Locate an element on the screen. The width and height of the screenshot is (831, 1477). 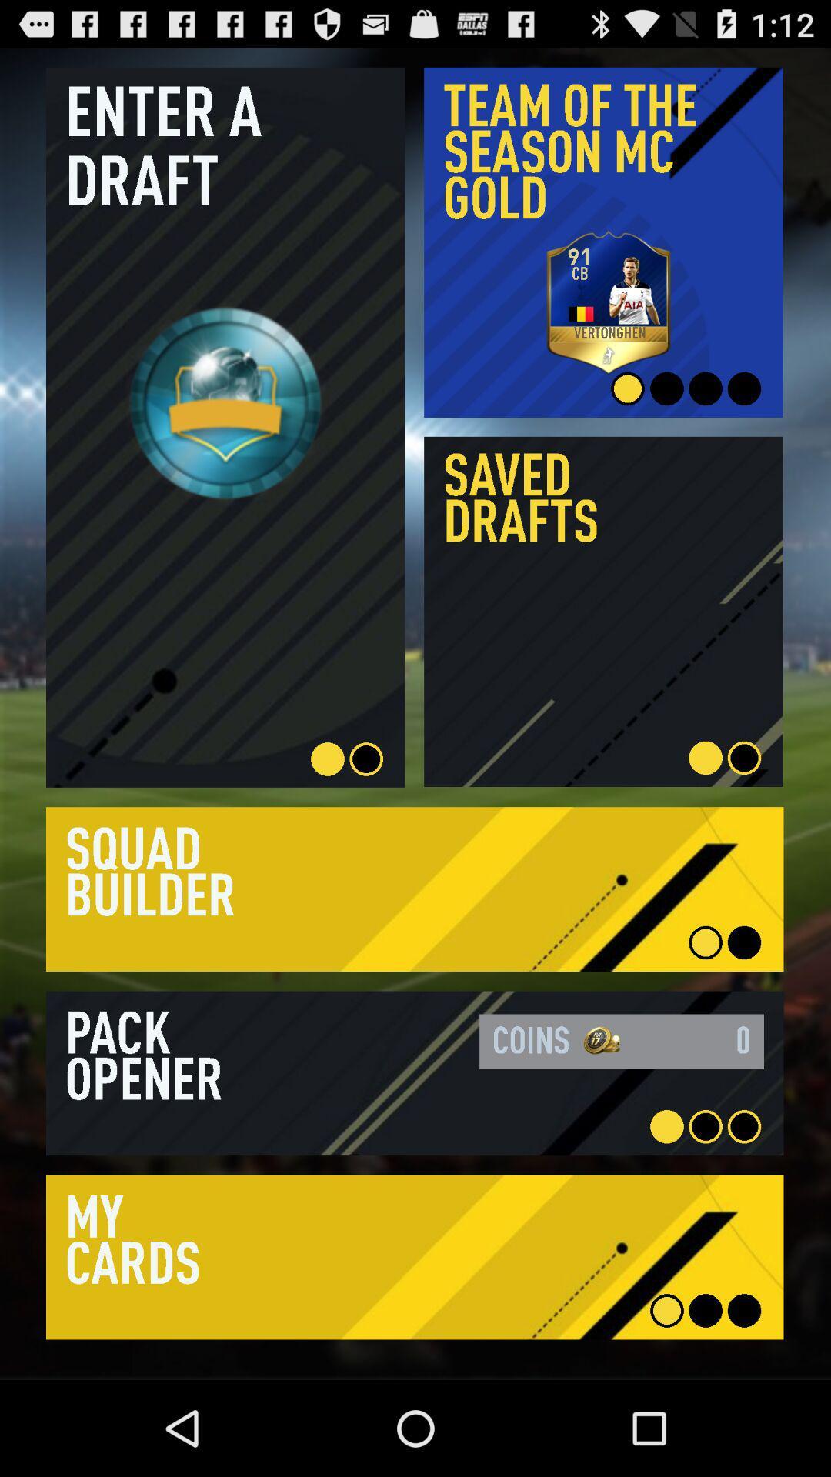
click the saved drafts box is located at coordinates (602, 611).